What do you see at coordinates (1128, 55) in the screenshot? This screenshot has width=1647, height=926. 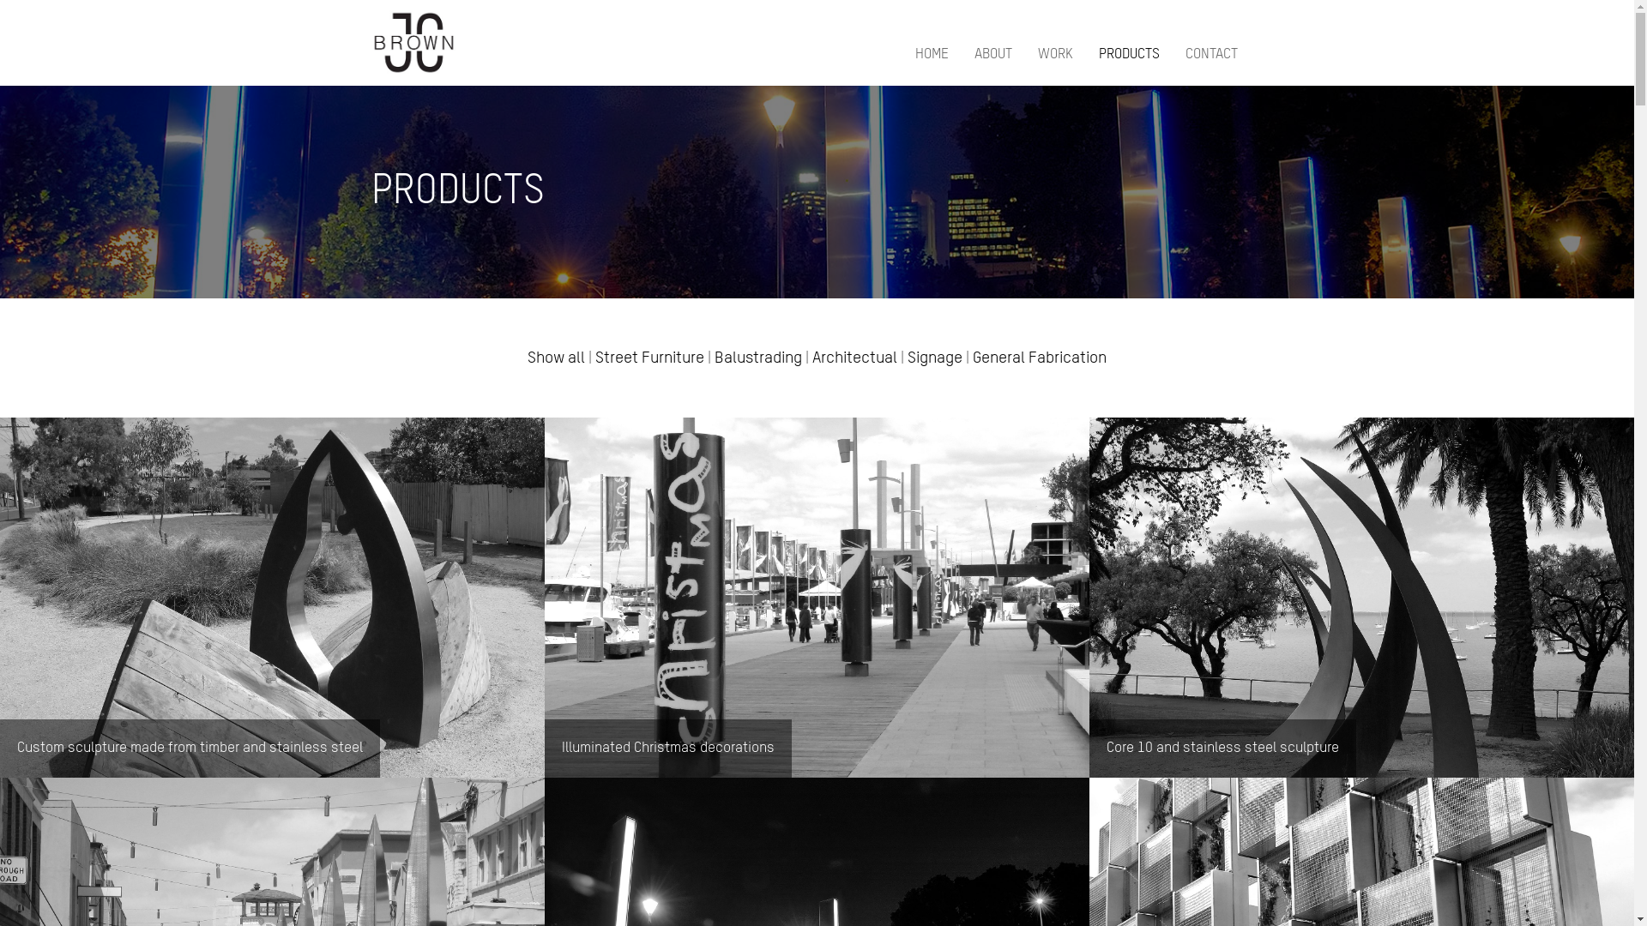 I see `'PRODUCTS'` at bounding box center [1128, 55].